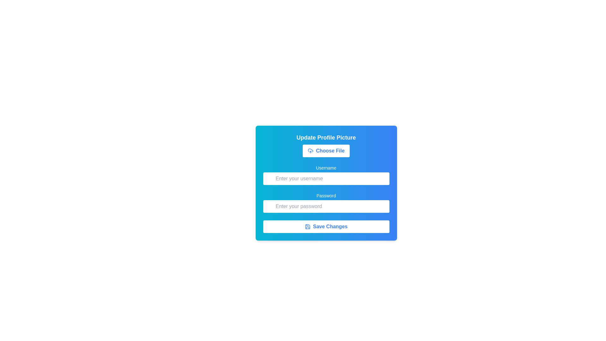  Describe the element at coordinates (326, 151) in the screenshot. I see `the file upload button located below the 'Update Profile Picture' heading in the profile update modal` at that location.